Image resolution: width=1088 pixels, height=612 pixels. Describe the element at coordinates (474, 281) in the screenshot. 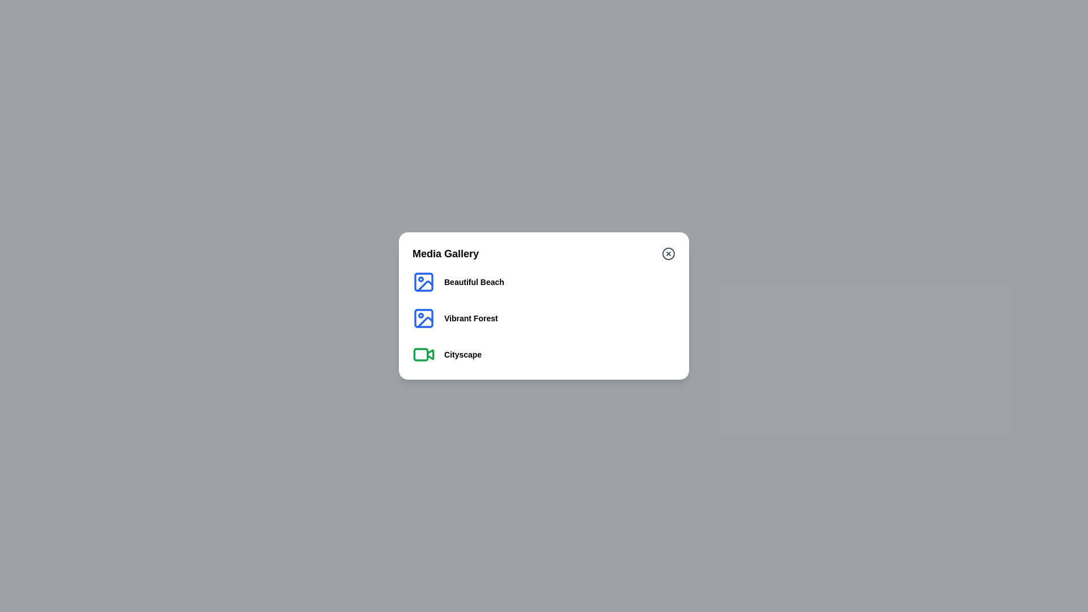

I see `the media item titled Beautiful Beach` at that location.